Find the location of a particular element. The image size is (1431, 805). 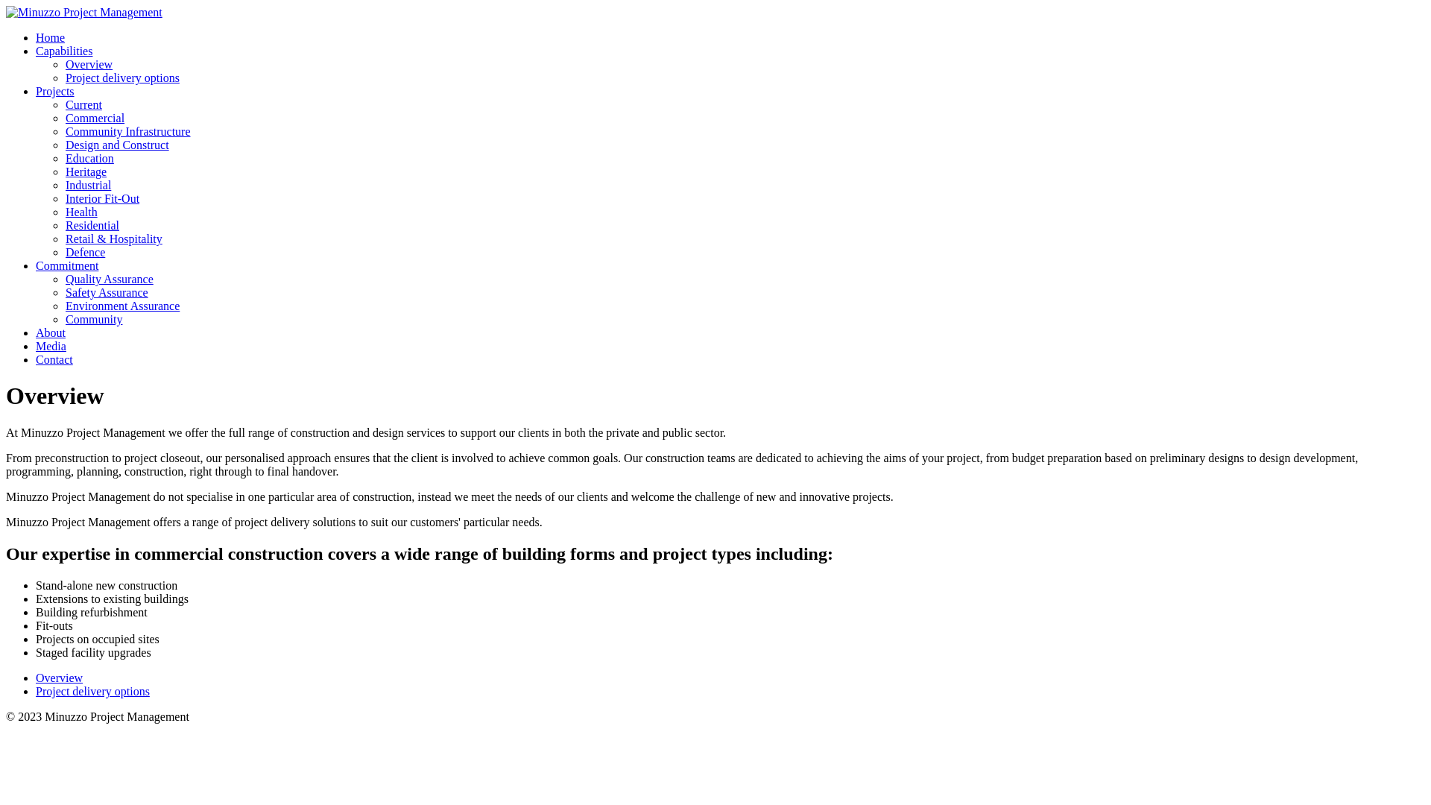

'Interior Fit-Out' is located at coordinates (101, 198).